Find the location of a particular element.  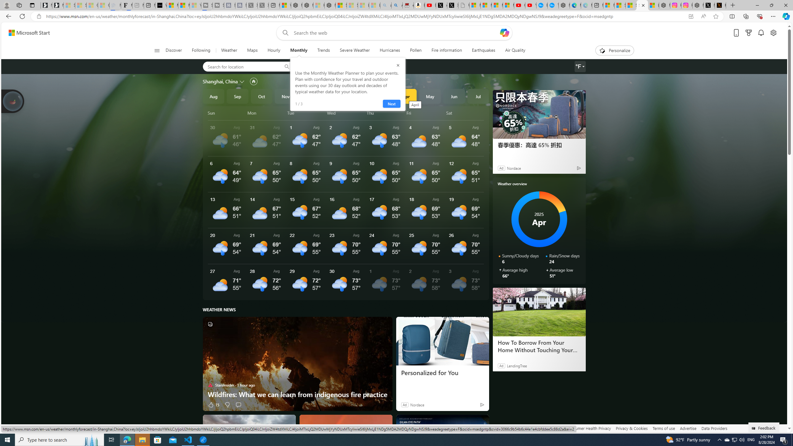

'Dec' is located at coordinates (309, 96).